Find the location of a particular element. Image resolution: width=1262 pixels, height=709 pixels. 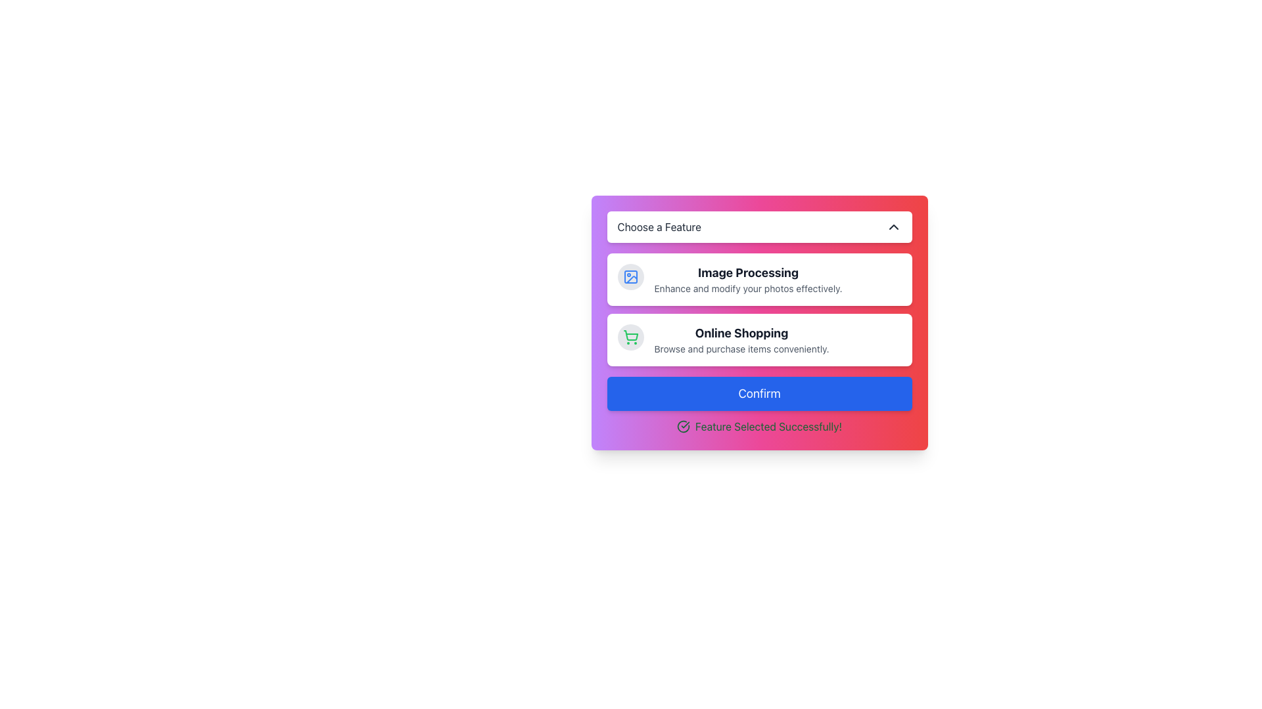

the text element that describes the 'Online Shopping' feature, located in the middle of the feature selection panel, specifically within the second interactive option row is located at coordinates (741, 339).